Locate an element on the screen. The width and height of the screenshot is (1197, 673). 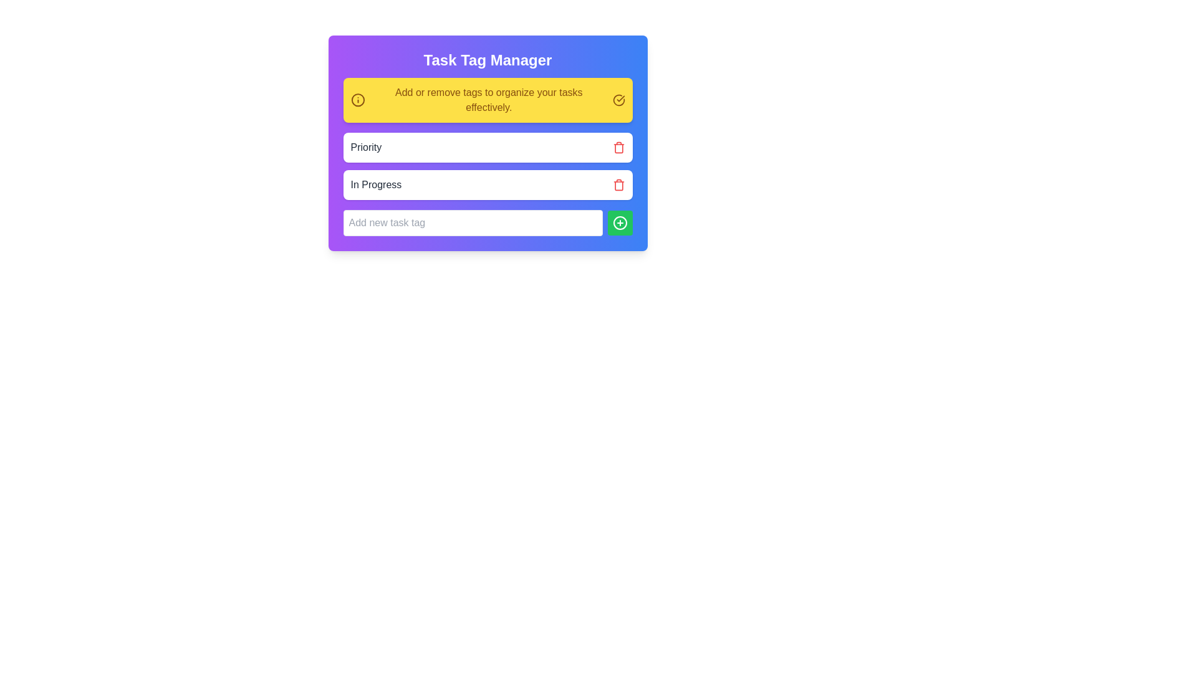
the red trashcan icon button located at the far right of the 'In Progress' row is located at coordinates (618, 185).